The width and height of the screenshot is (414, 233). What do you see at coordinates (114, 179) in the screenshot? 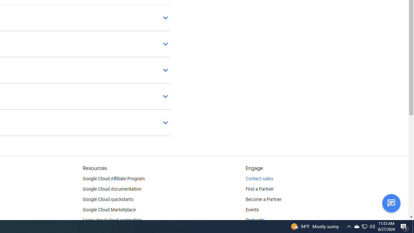
I see `'Google Cloud Affiliate Program'` at bounding box center [114, 179].